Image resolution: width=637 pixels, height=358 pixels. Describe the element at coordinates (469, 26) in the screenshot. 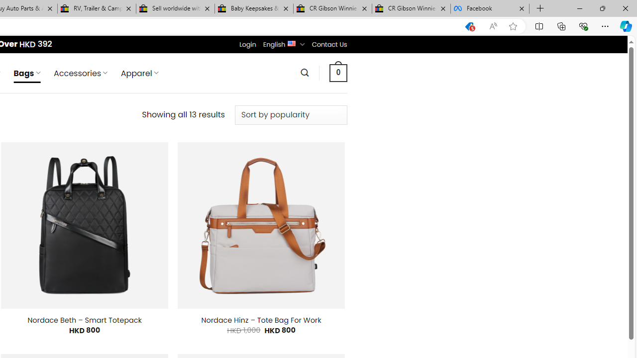

I see `'This site has coupons! Shopping in Microsoft Edge, 5'` at that location.